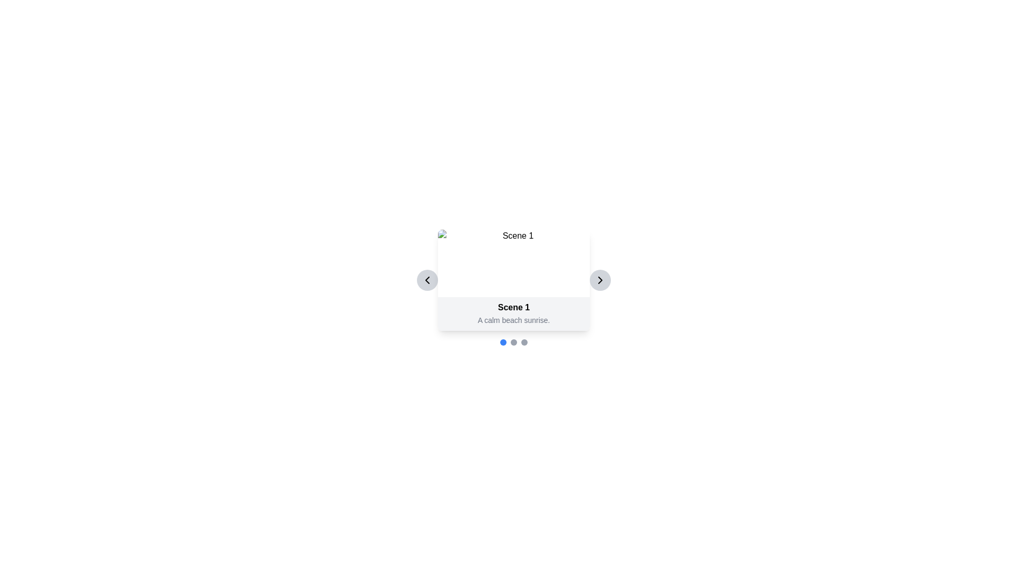 The image size is (1012, 569). What do you see at coordinates (524, 342) in the screenshot?
I see `the small circular gray indicator dot, which is the third in a horizontal sequence of three indicators located at the center-bottom of the interface` at bounding box center [524, 342].